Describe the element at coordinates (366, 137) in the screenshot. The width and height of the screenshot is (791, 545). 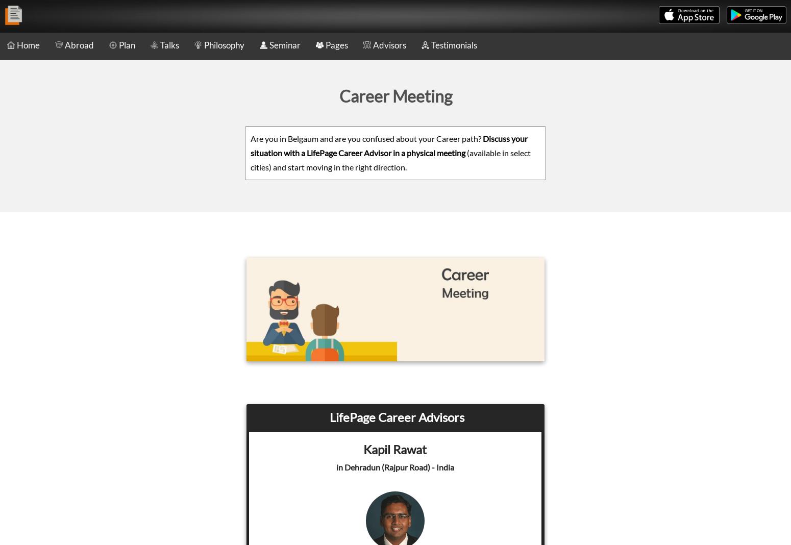
I see `'Are you in Belgaum and are you confused about your Career path?'` at that location.